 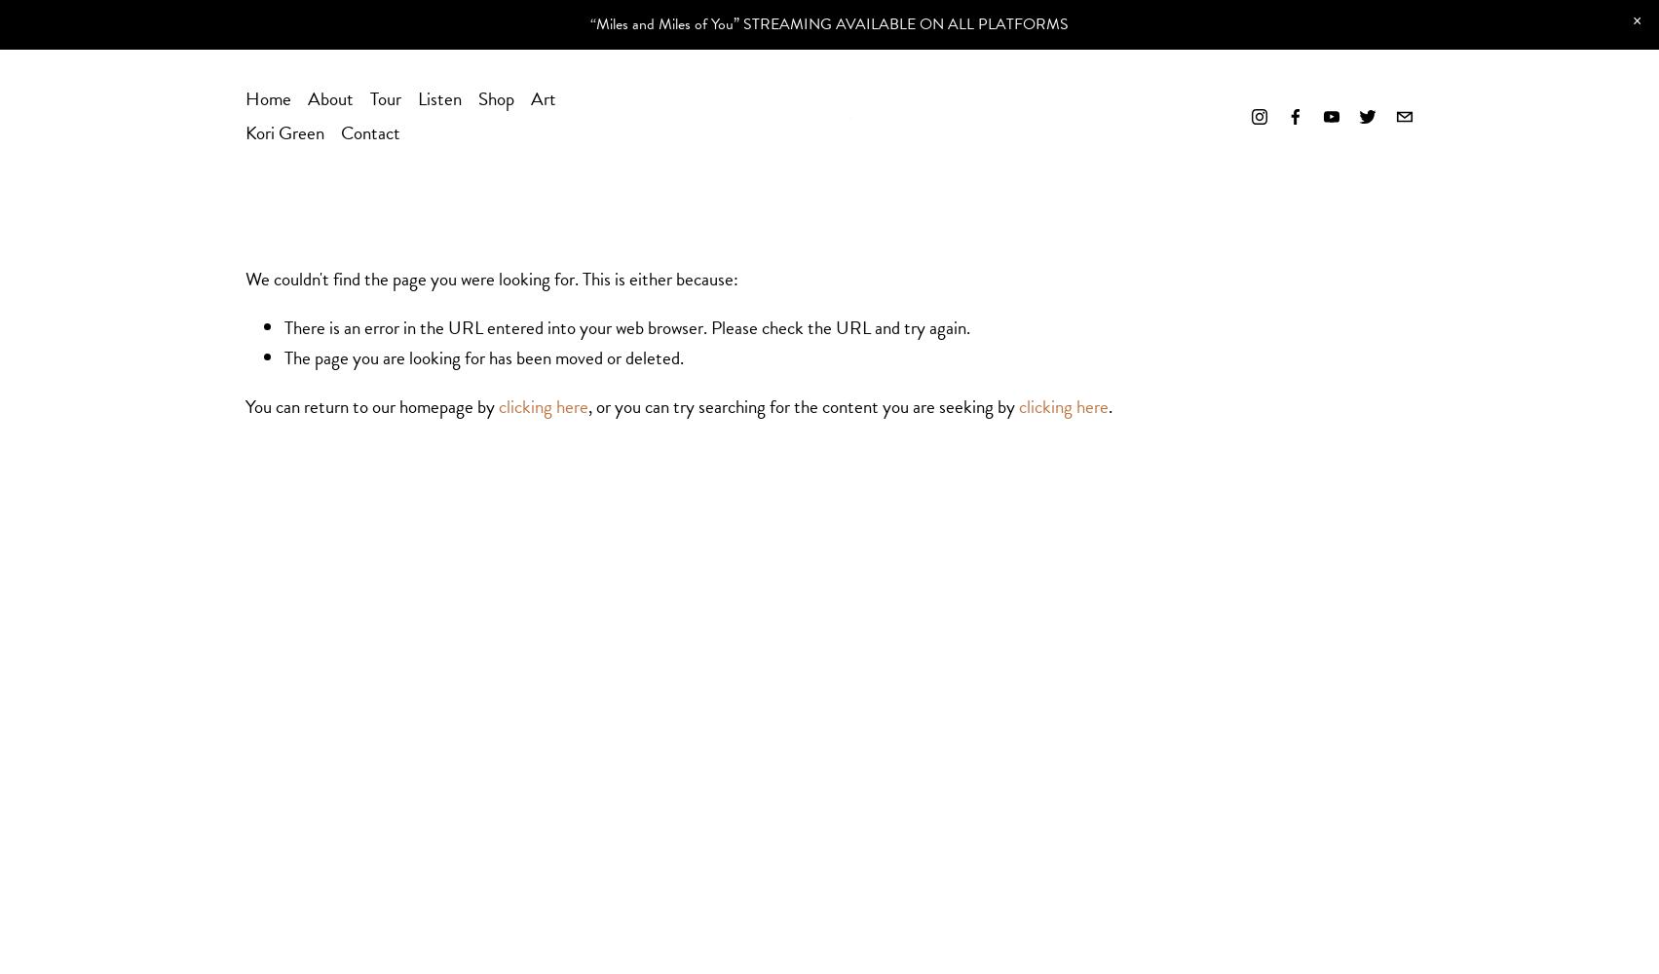 What do you see at coordinates (528, 97) in the screenshot?
I see `'Art'` at bounding box center [528, 97].